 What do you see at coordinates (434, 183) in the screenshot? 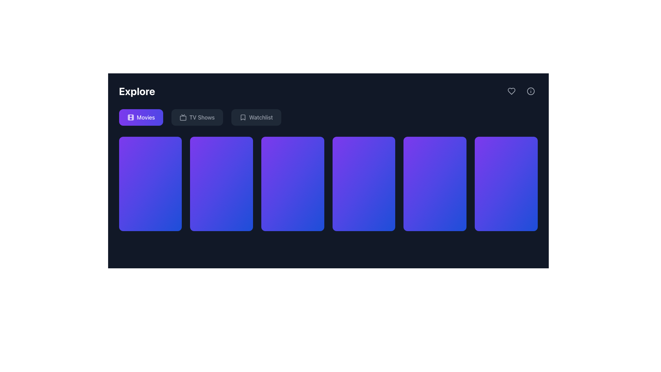
I see `the Card element, which is vertically rectangular with rounded corners and has a gradient color scheme from purple to blue, positioned third from the right` at bounding box center [434, 183].